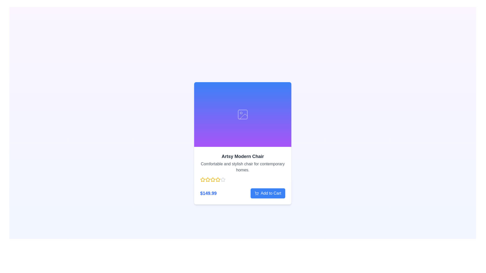 This screenshot has height=273, width=486. I want to click on the shopping cart icon within the 'Add to Cart' button, which is styled with a blue background and white stroke, located at the bottom center of the product card, so click(257, 193).